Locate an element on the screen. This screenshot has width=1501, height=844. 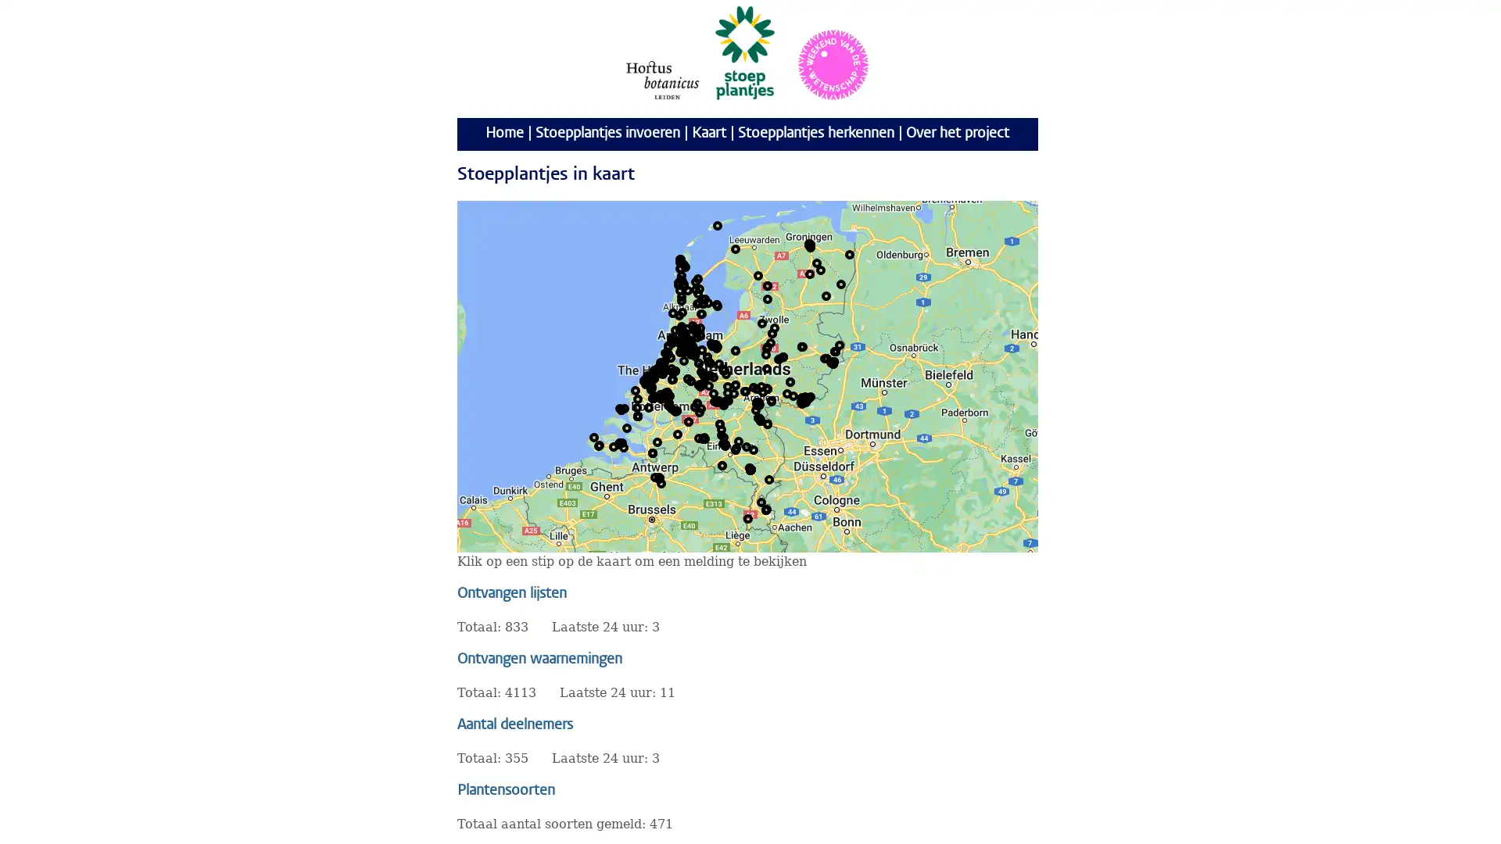
Telling van op 05 februari 2022 is located at coordinates (715, 399).